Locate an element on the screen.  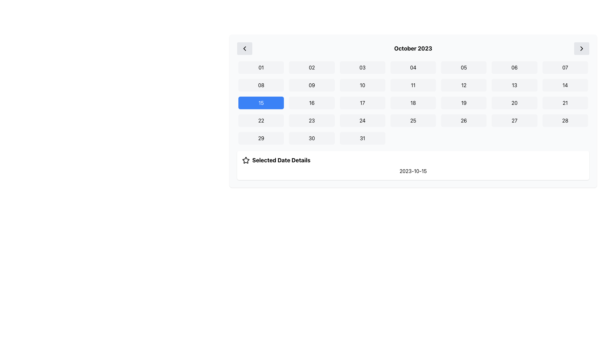
the right-facing chevron icon in the top right corner of the calendar interface is located at coordinates (581, 48).